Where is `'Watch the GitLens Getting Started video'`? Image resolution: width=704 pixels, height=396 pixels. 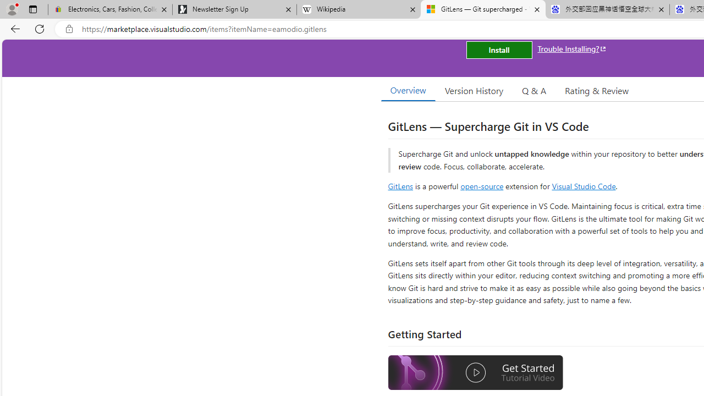 'Watch the GitLens Getting Started video' is located at coordinates (476, 373).